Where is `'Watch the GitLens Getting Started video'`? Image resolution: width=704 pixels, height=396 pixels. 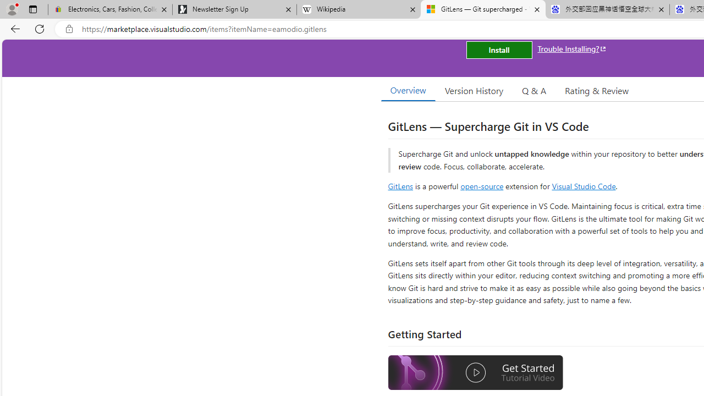 'Watch the GitLens Getting Started video' is located at coordinates (476, 373).